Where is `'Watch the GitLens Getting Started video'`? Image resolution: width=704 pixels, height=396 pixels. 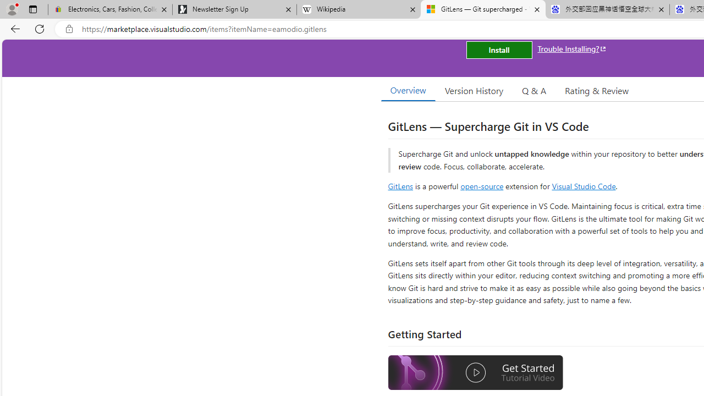 'Watch the GitLens Getting Started video' is located at coordinates (476, 373).